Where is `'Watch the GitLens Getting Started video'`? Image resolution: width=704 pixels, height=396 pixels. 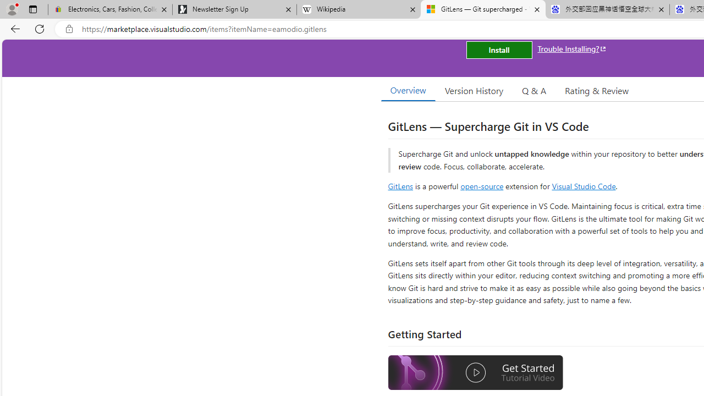 'Watch the GitLens Getting Started video' is located at coordinates (476, 373).